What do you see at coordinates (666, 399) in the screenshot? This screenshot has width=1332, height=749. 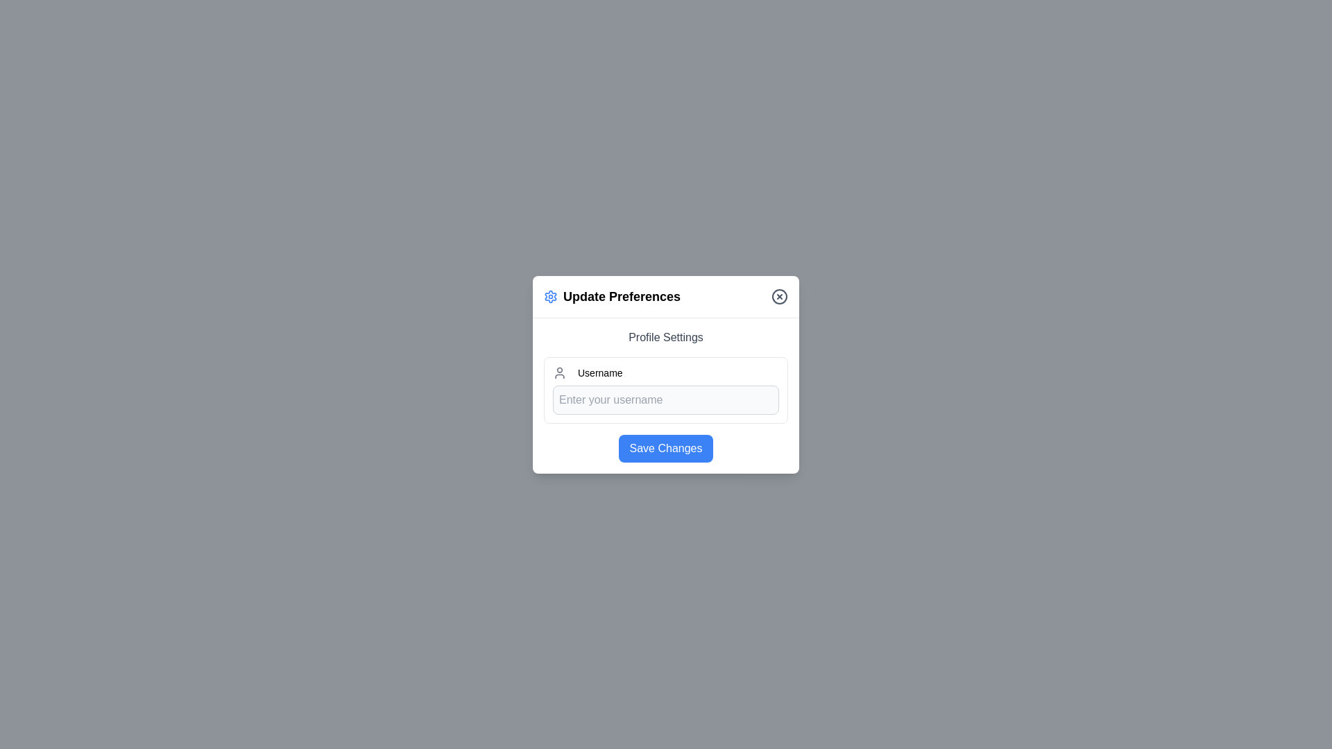 I see `the username input field and type the desired username text` at bounding box center [666, 399].